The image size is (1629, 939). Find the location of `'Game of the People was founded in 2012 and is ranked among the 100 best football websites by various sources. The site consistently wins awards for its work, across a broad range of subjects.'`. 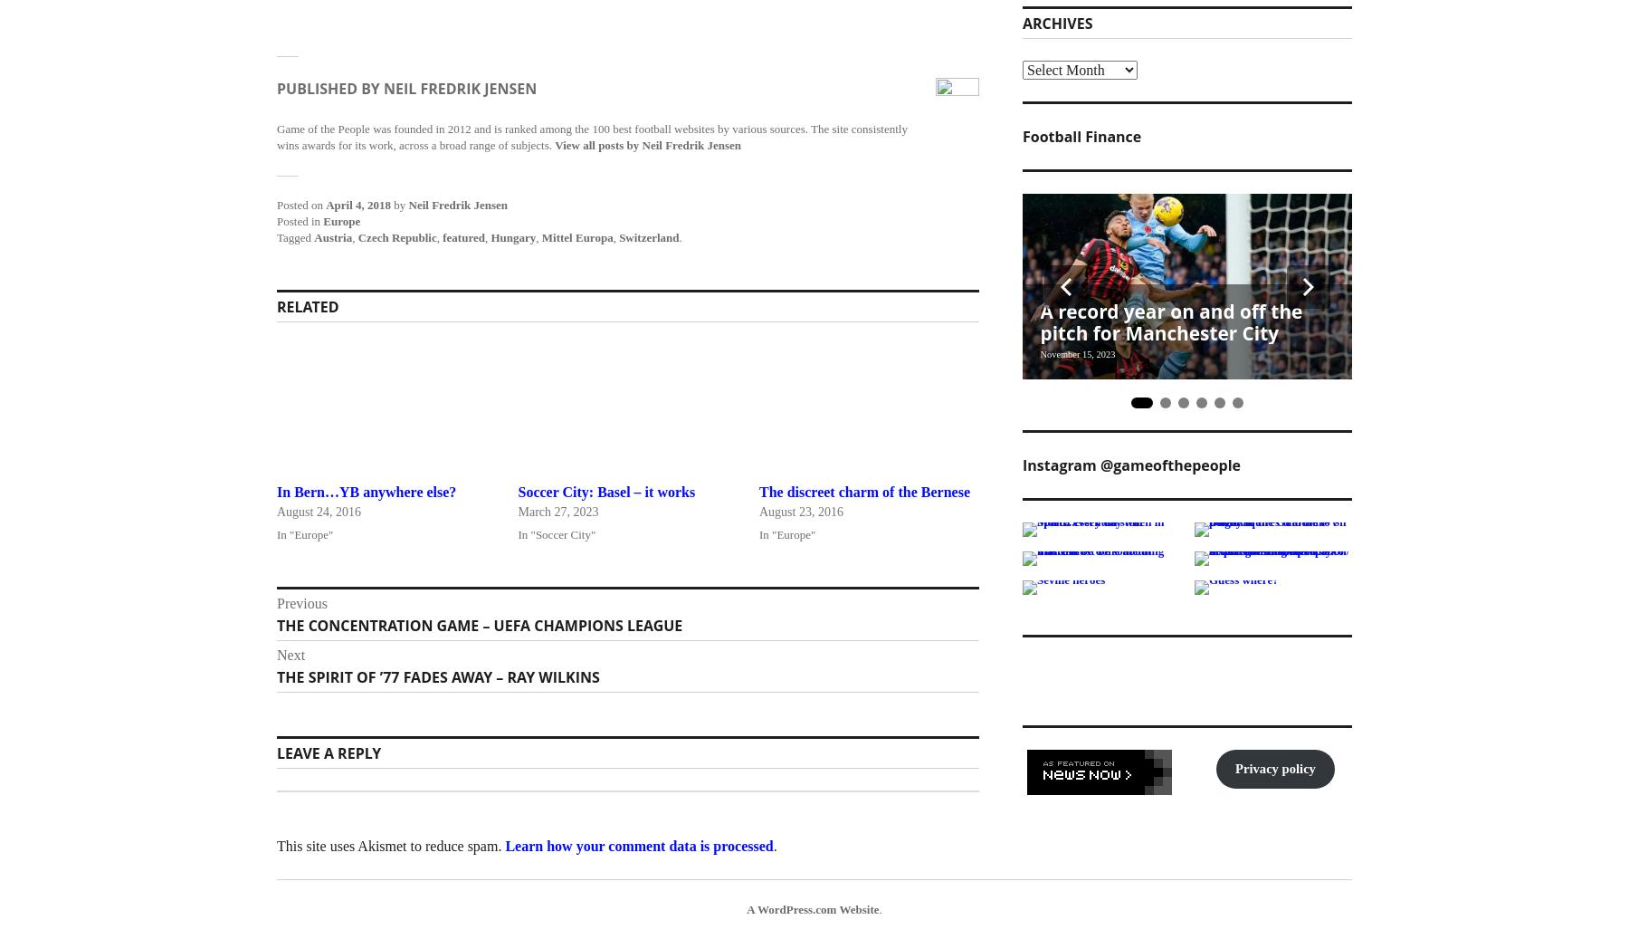

'Game of the People was founded in 2012 and is ranked among the 100 best football websites by various sources. The site consistently wins awards for its work, across a broad range of subjects.' is located at coordinates (591, 136).